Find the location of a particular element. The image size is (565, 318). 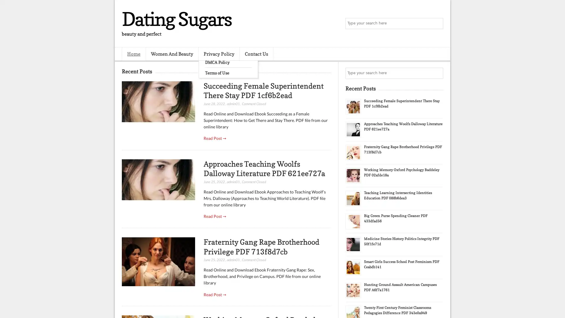

Search is located at coordinates (437, 24).